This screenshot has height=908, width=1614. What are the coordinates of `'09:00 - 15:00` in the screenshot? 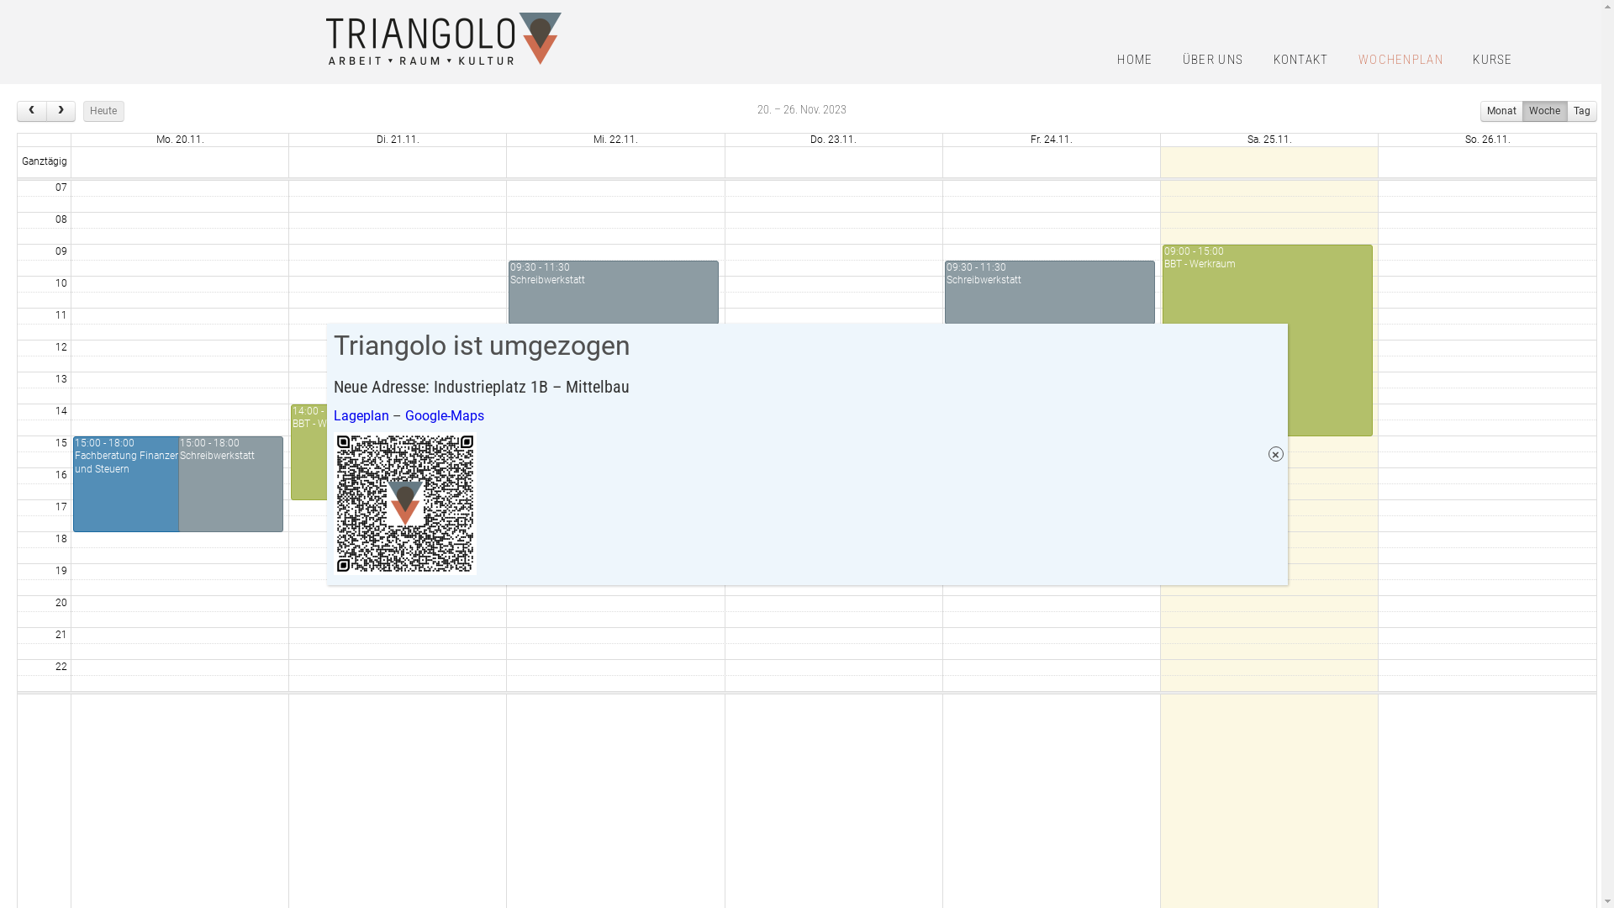 It's located at (1267, 340).